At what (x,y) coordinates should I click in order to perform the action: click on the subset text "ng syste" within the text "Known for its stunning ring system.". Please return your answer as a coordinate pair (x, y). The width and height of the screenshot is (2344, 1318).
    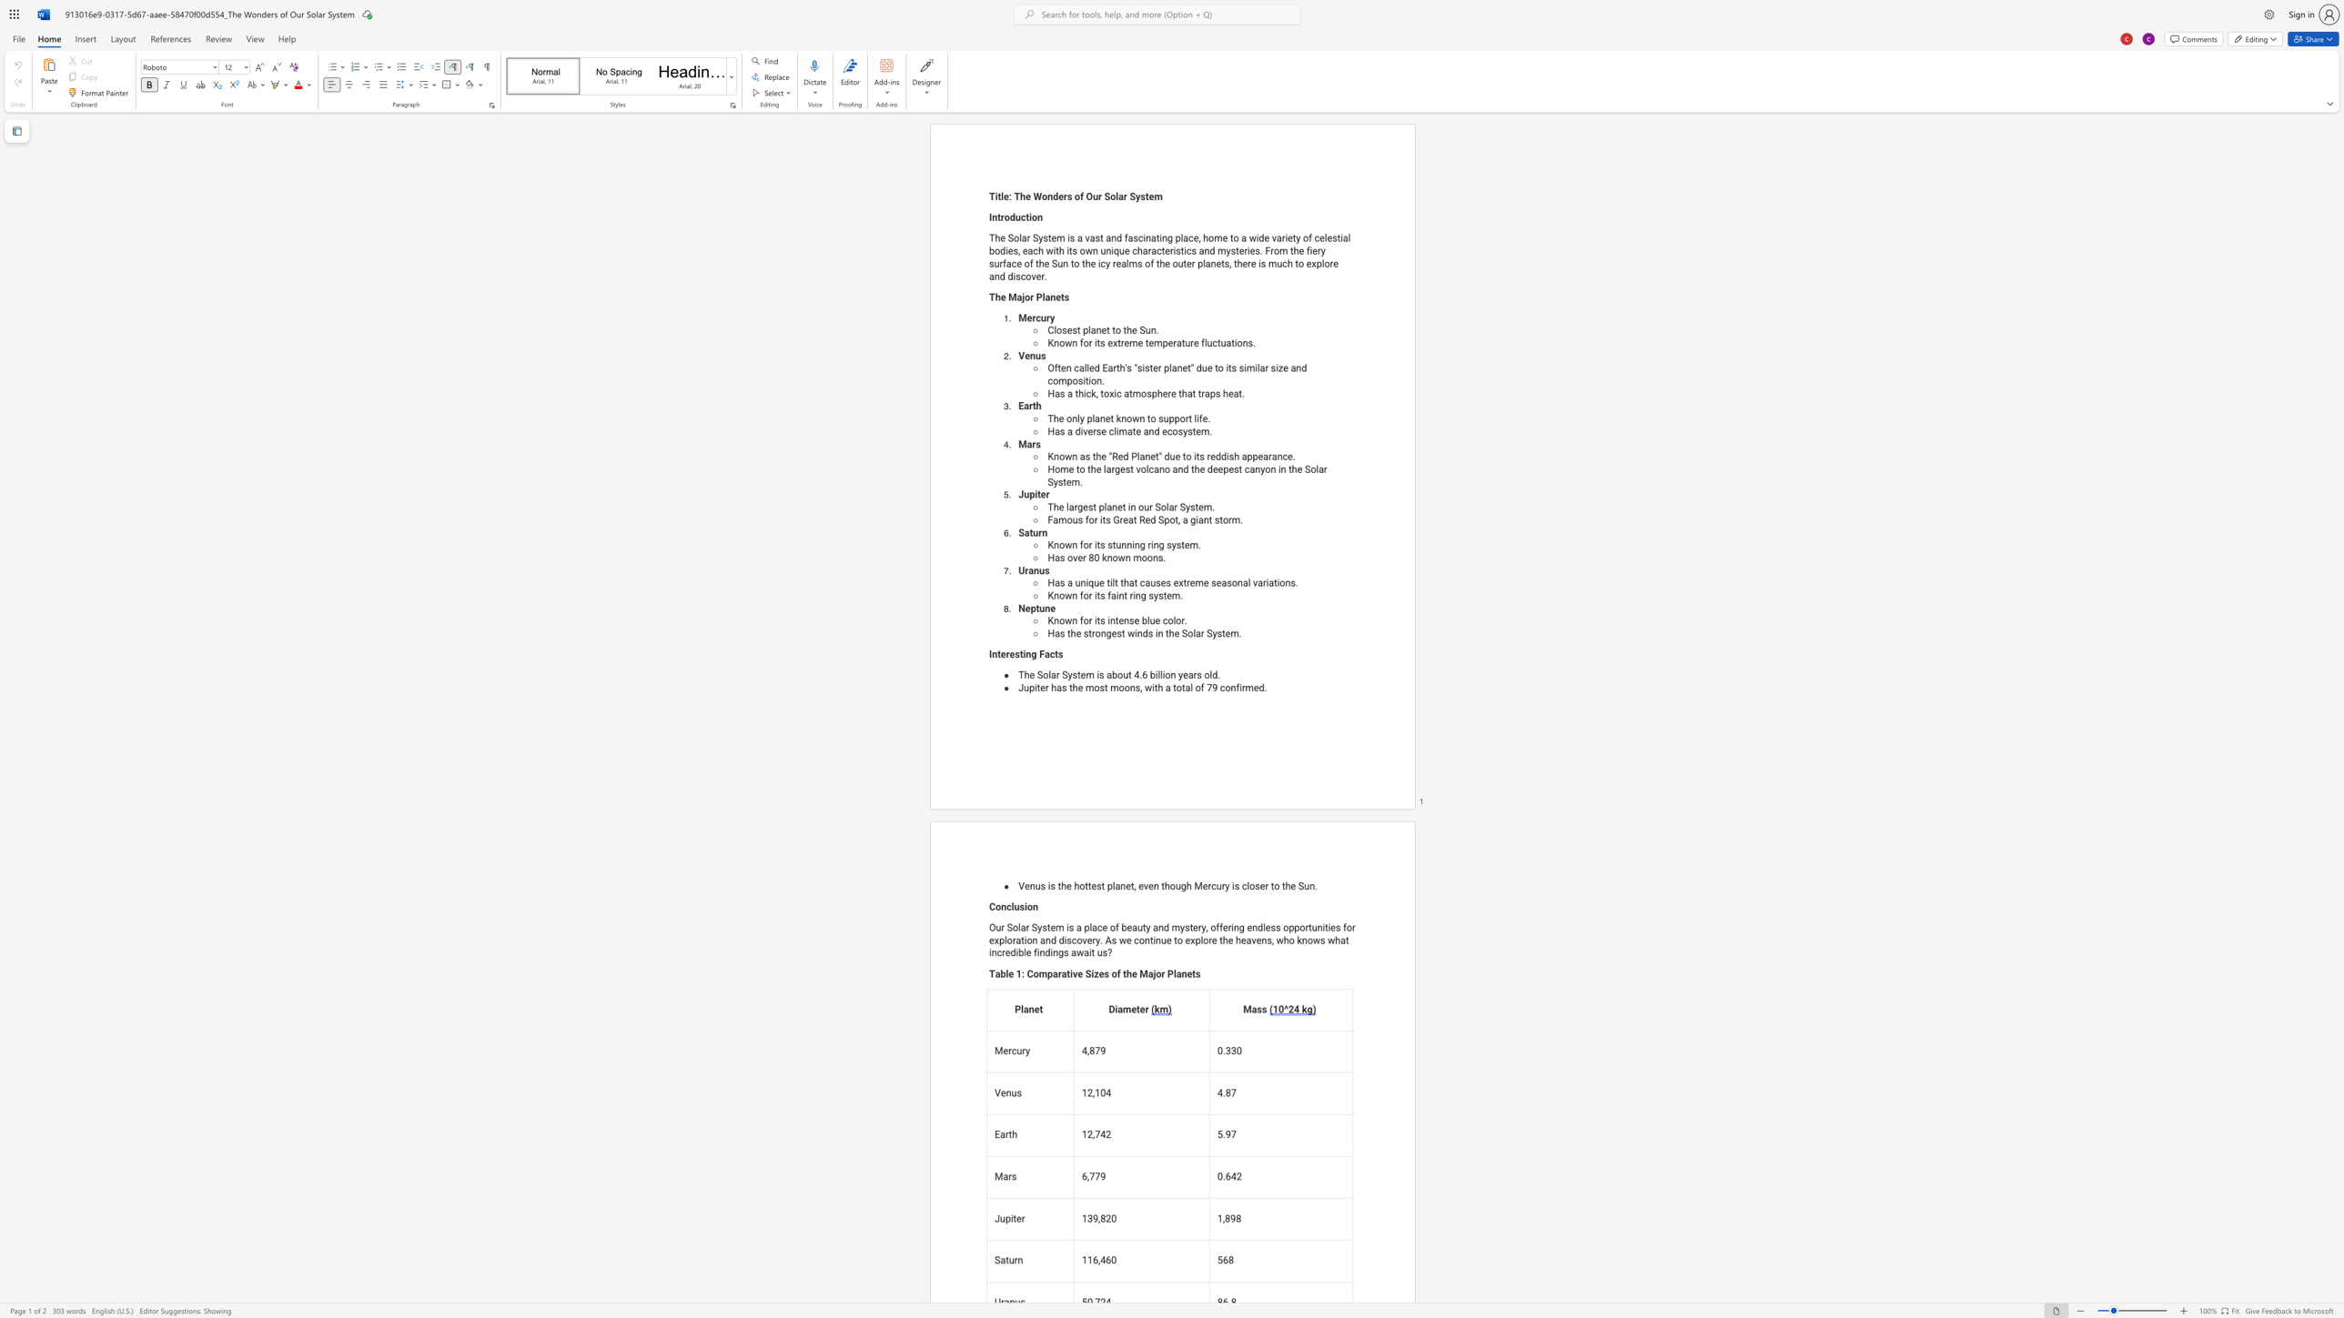
    Looking at the image, I should click on (1153, 544).